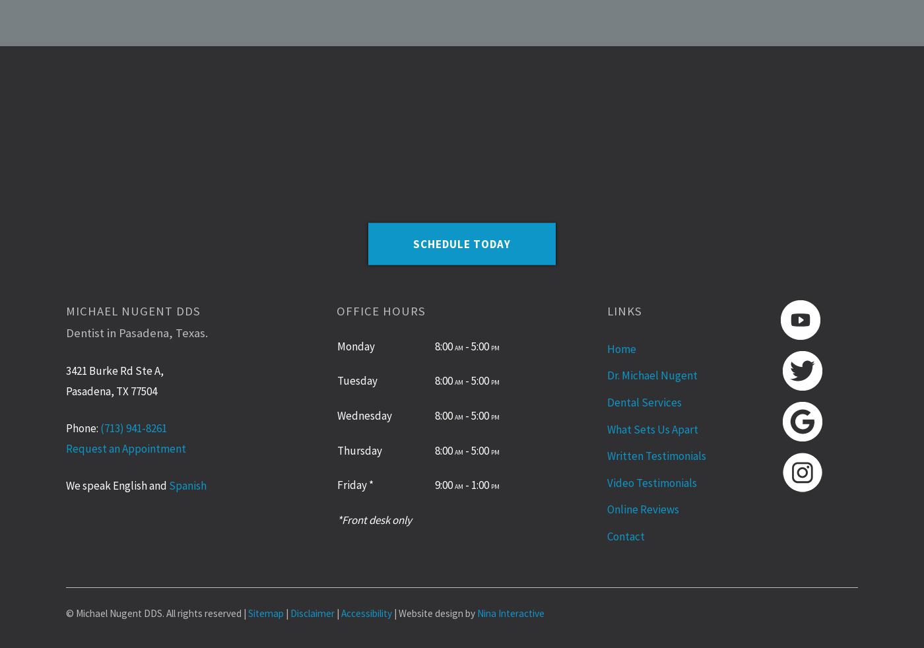  I want to click on 'Disclaimer', so click(312, 613).